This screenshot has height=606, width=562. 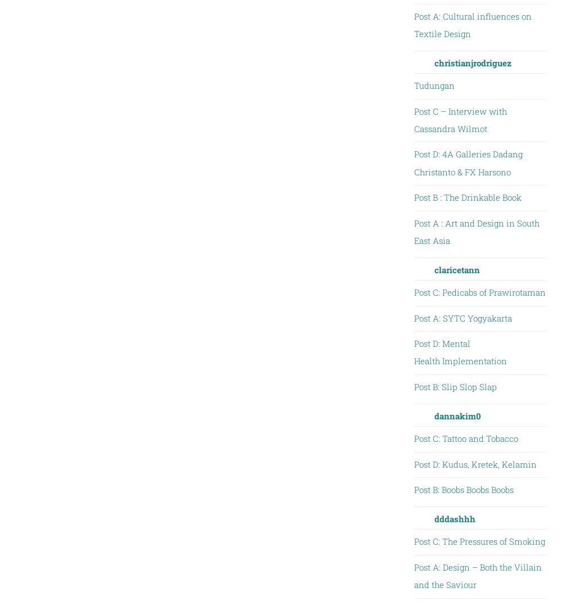 I want to click on 'Post C: The Pressures of Smoking', so click(x=478, y=540).